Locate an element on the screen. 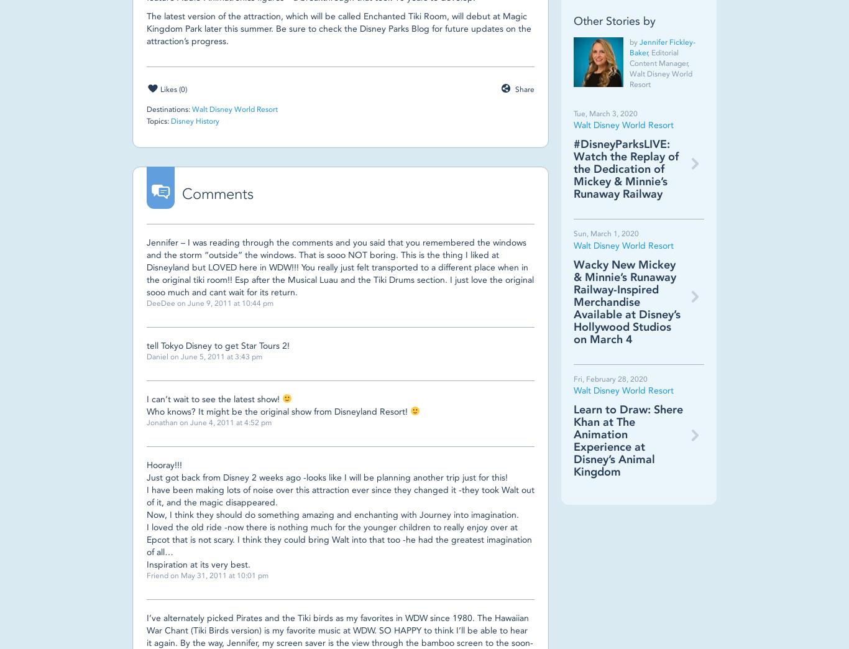 This screenshot has width=849, height=649. 'Hooray!!!' is located at coordinates (164, 465).